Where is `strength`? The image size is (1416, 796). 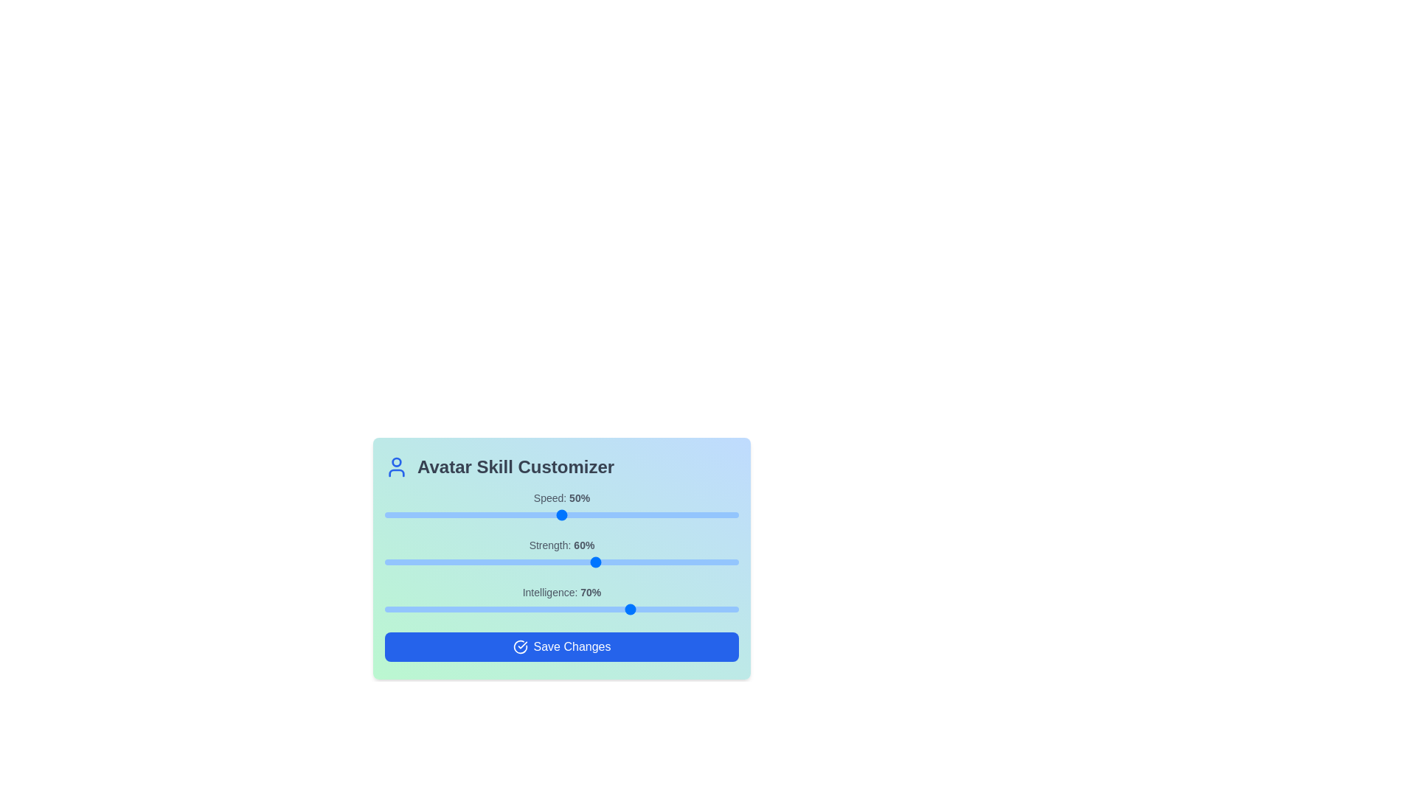
strength is located at coordinates (420, 562).